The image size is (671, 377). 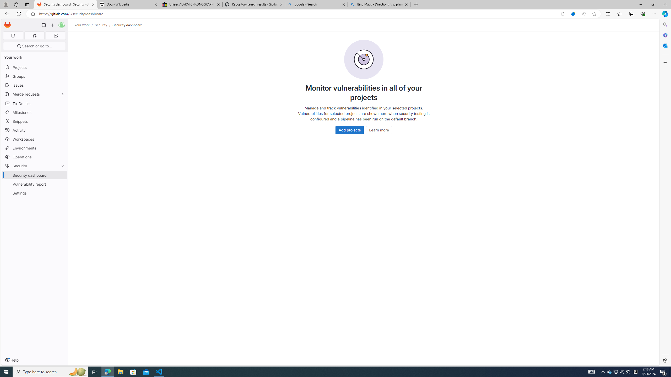 I want to click on 'Projects', so click(x=34, y=67).